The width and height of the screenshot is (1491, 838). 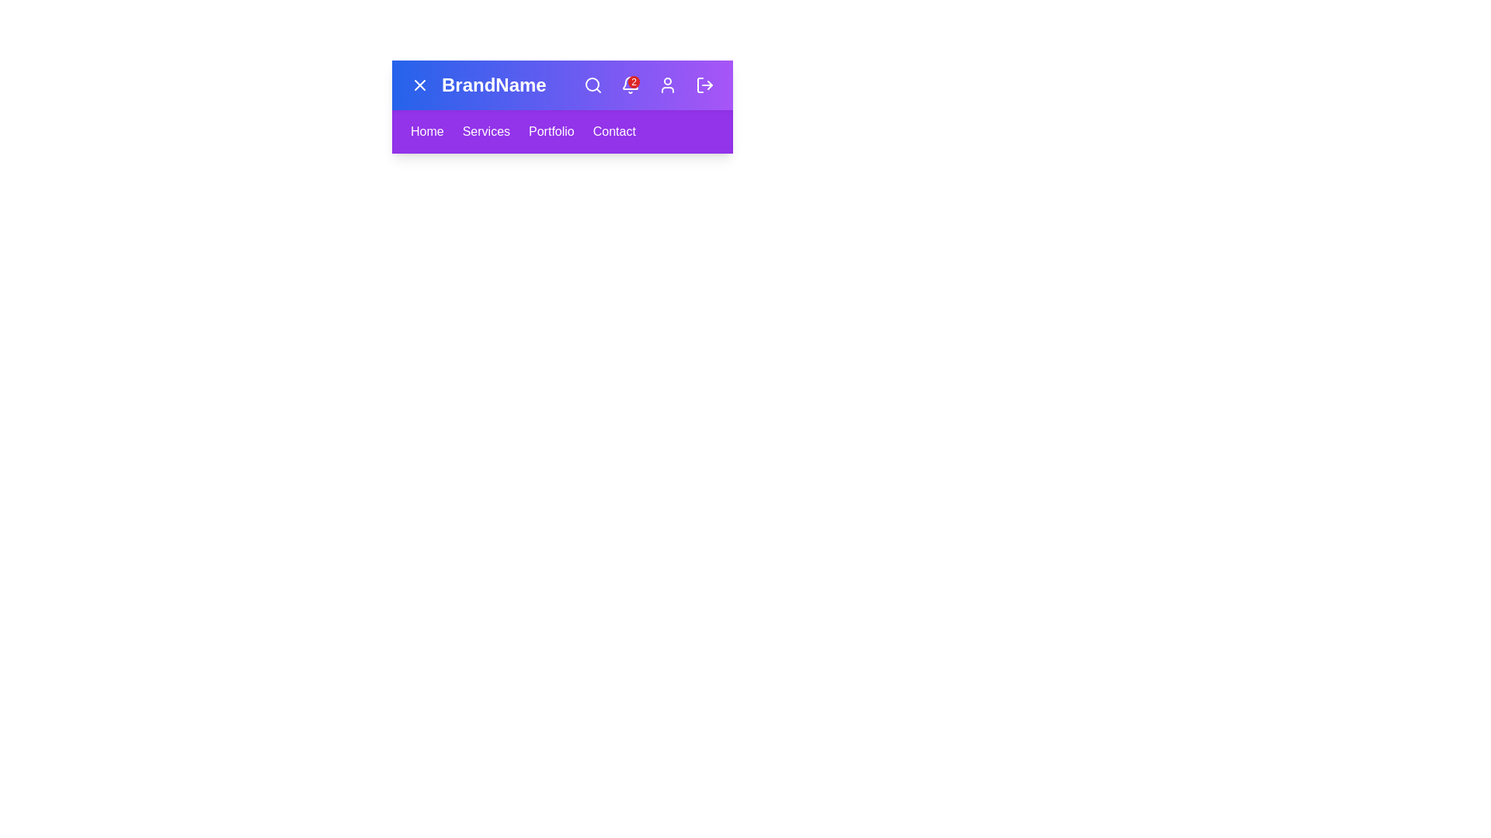 I want to click on the small circular badge with a red background and white text displaying the number '2', located on the top-right corner of the notification bell icon in the navigation bar, so click(x=634, y=81).